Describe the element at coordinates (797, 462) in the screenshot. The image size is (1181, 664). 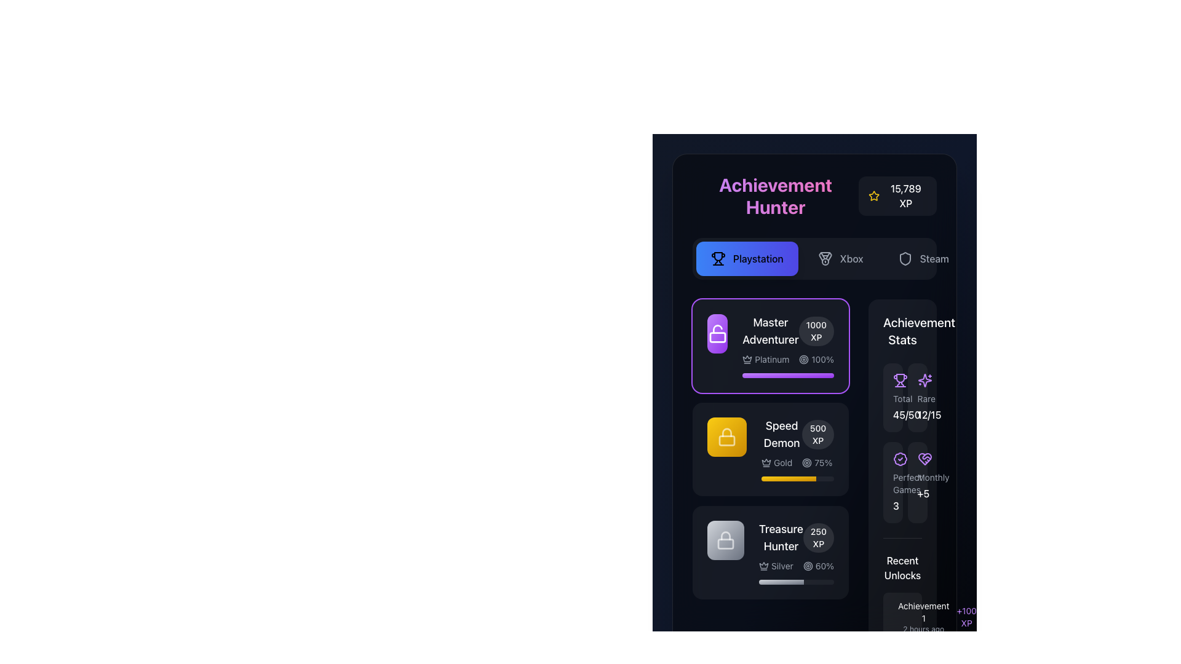
I see `the textual and iconographic label component that includes a crown icon and the text 'Gold', along with a target icon and '75%', located below the 'Speed Demon' title and to the left of the percentage progress bar` at that location.